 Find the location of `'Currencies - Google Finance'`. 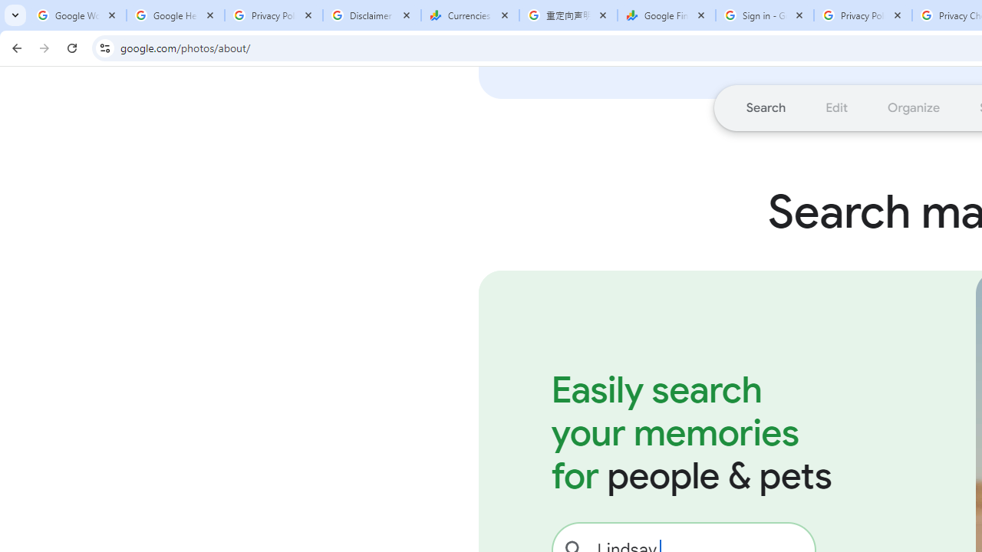

'Currencies - Google Finance' is located at coordinates (470, 15).